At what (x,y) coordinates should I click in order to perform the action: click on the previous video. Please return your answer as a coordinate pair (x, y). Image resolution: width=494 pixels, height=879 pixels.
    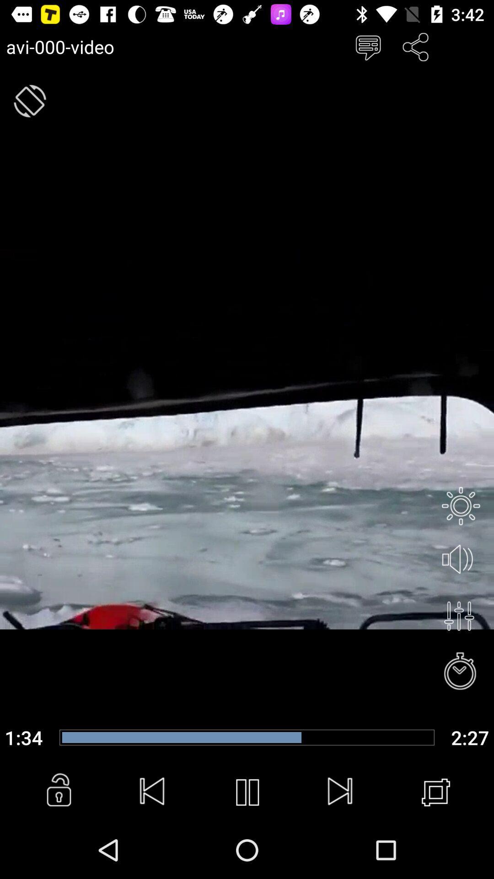
    Looking at the image, I should click on (152, 792).